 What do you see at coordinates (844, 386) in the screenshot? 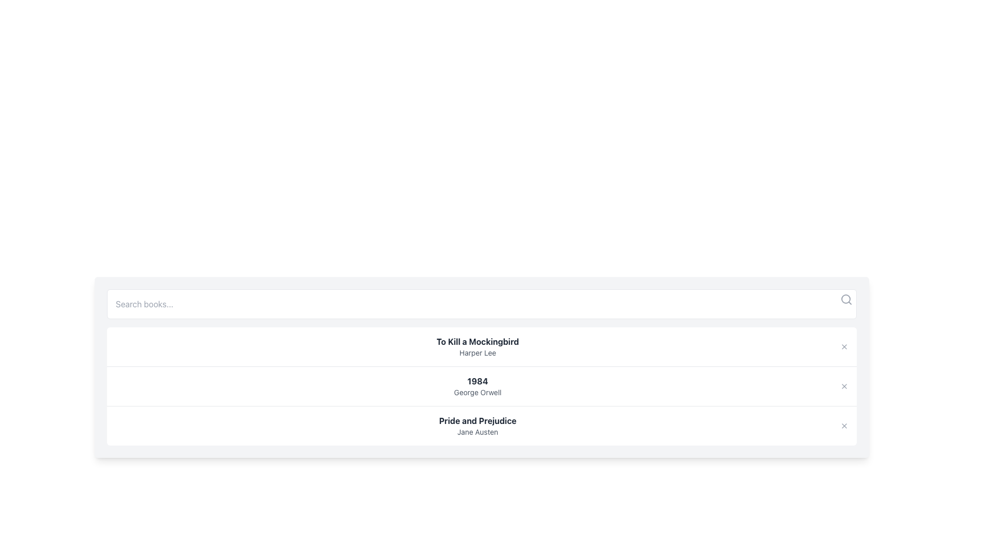
I see `the close icon` at bounding box center [844, 386].